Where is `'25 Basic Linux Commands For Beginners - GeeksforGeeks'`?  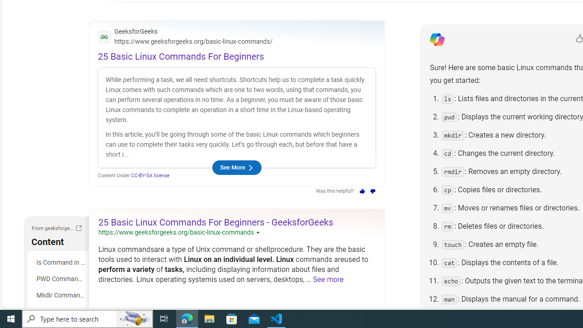
'25 Basic Linux Commands For Beginners - GeeksforGeeks' is located at coordinates (215, 222).